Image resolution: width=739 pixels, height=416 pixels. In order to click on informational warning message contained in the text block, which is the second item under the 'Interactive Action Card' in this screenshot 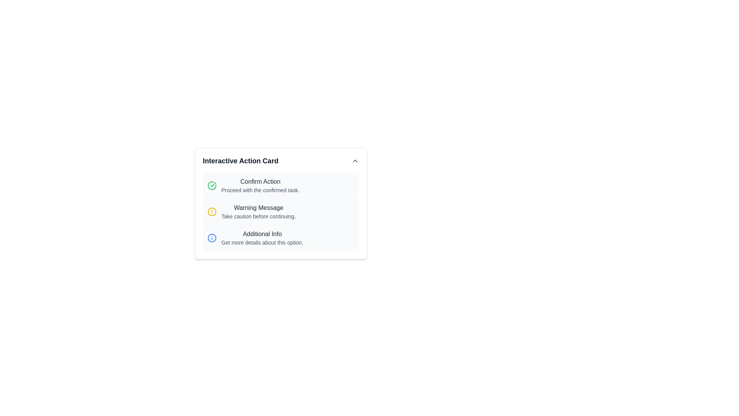, I will do `click(259, 212)`.